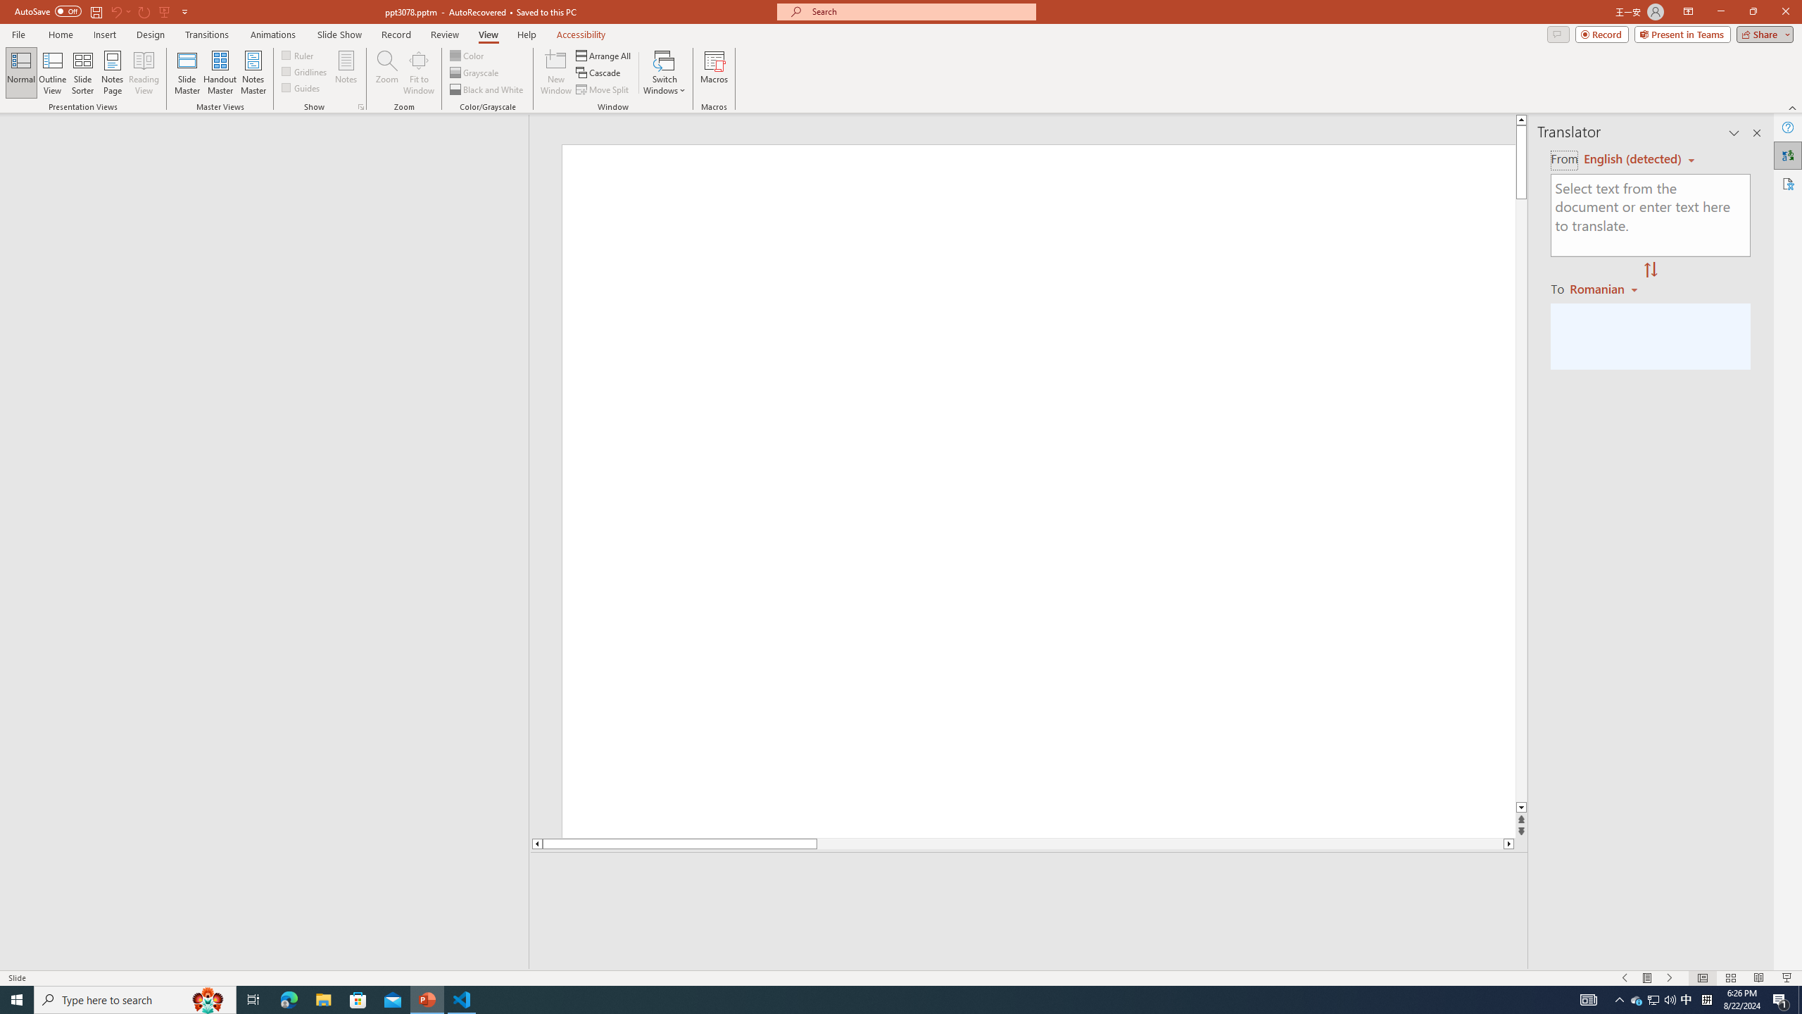  What do you see at coordinates (1632, 158) in the screenshot?
I see `'Czech (detected)'` at bounding box center [1632, 158].